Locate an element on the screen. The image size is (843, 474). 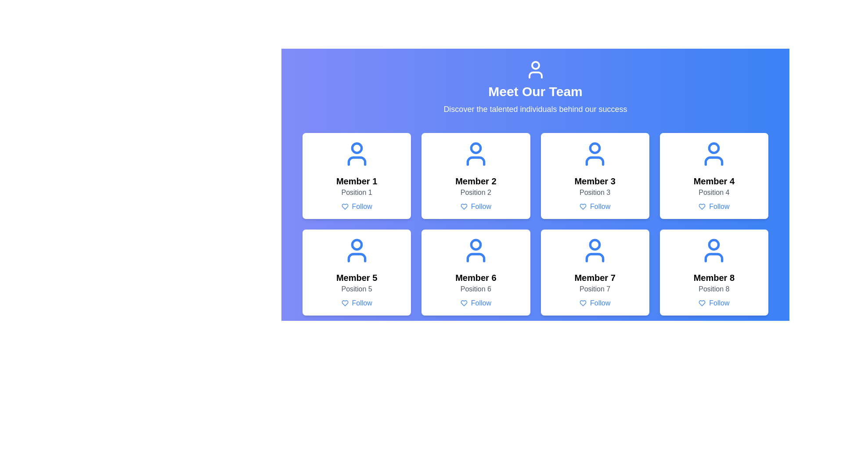
the circular blue-outline shape representing 'Member 5' in the user avatar icon located at the bottom-left quadrant of the grid layout is located at coordinates (357, 244).